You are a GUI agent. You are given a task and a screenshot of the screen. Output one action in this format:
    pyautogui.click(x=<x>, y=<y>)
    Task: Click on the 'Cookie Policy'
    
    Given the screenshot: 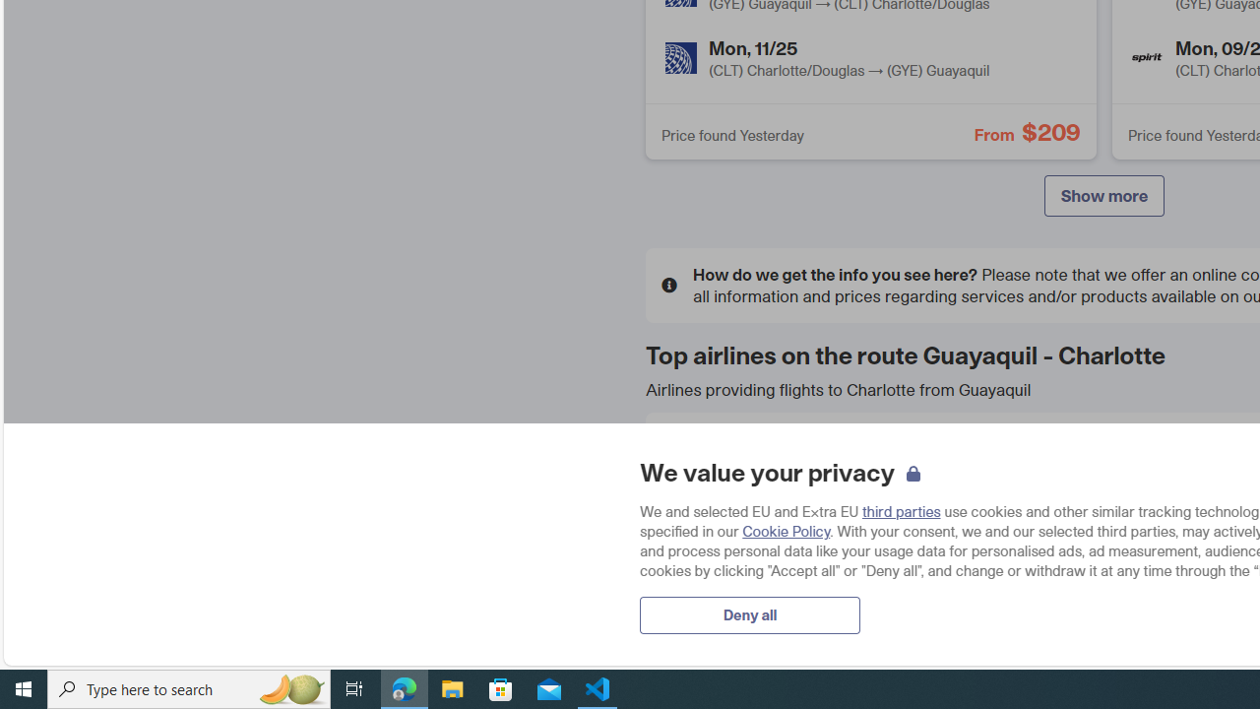 What is the action you would take?
    pyautogui.click(x=785, y=530)
    